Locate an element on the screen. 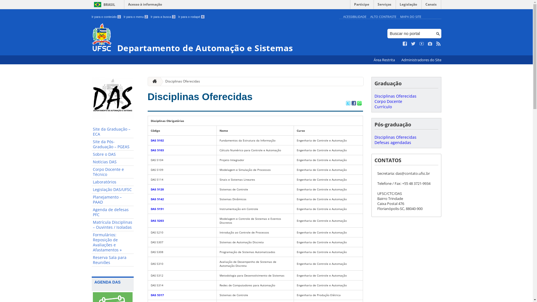 The image size is (537, 302). 'Curta no Facebook' is located at coordinates (405, 44).